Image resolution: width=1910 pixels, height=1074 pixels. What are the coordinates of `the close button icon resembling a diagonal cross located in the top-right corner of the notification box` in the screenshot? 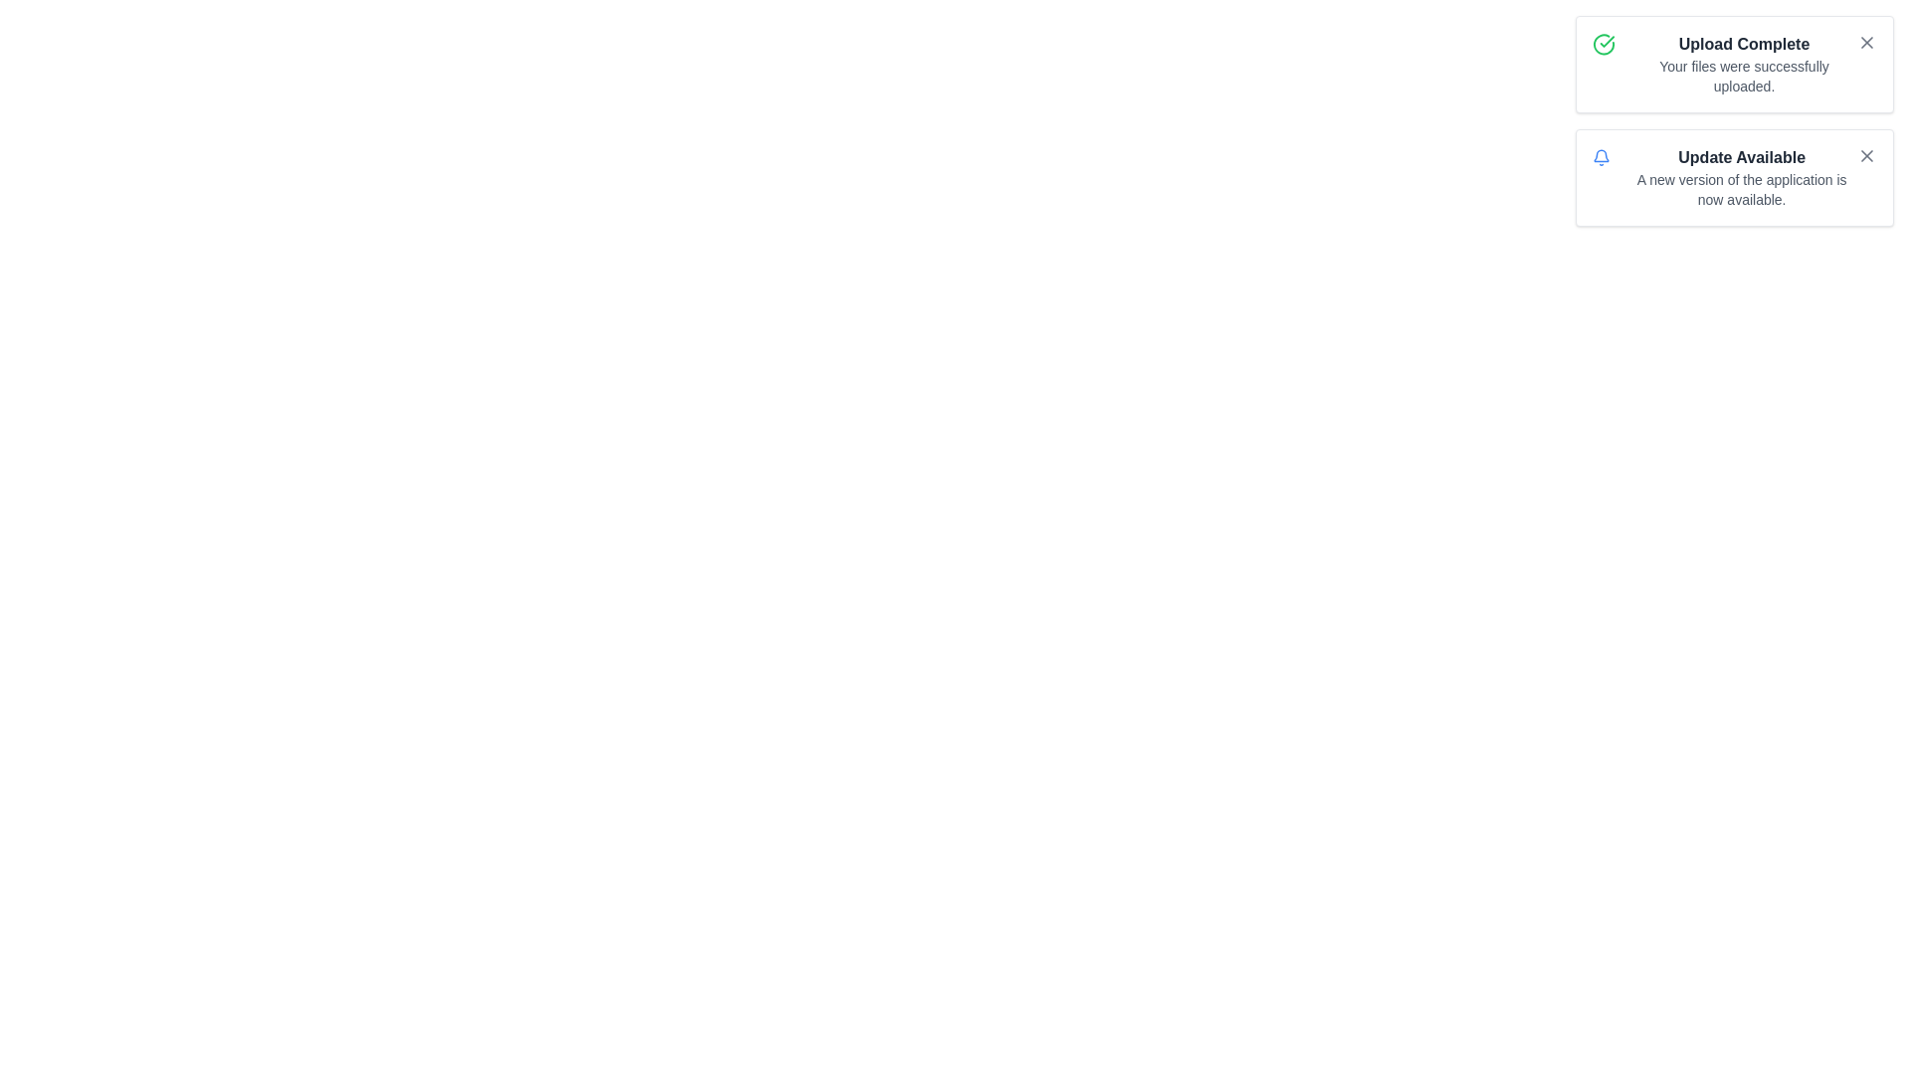 It's located at (1865, 155).